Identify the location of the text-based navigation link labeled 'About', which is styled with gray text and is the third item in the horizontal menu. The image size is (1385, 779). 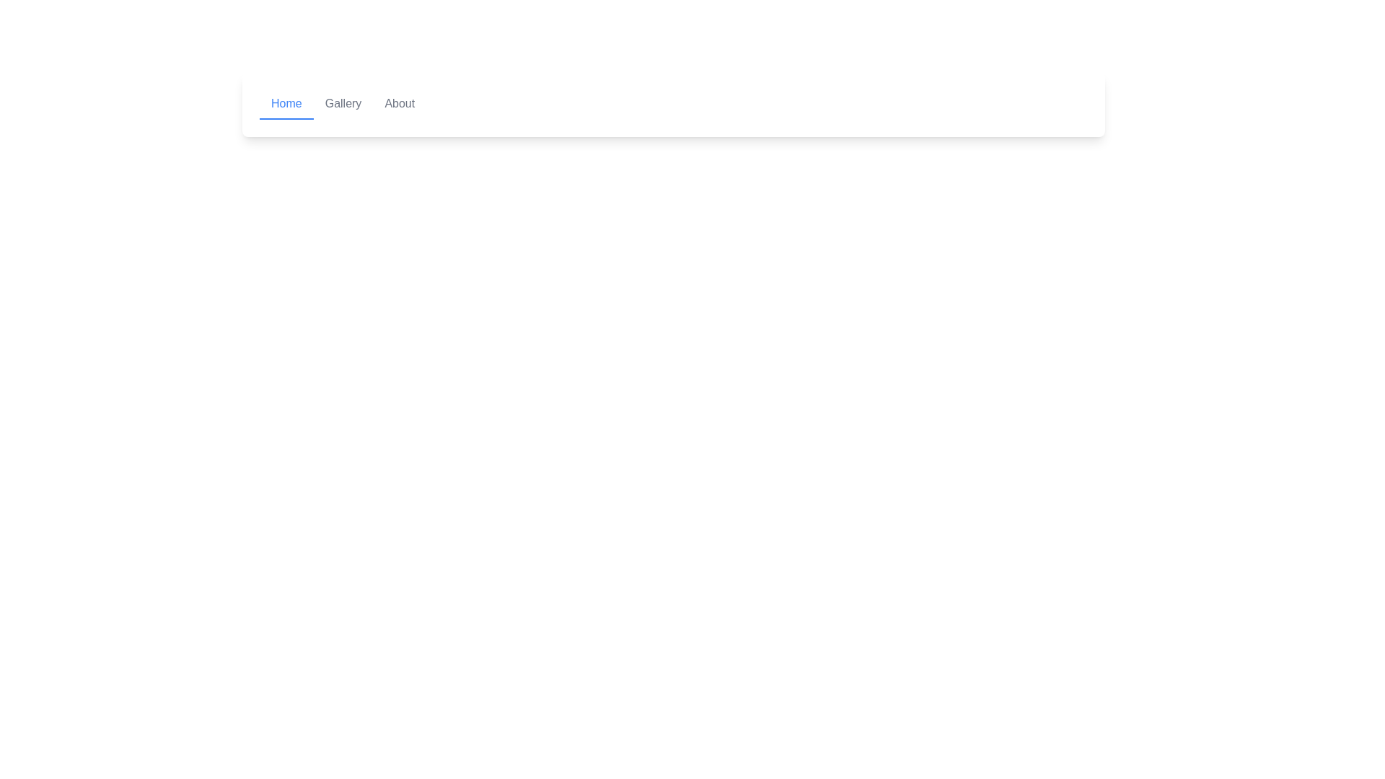
(400, 104).